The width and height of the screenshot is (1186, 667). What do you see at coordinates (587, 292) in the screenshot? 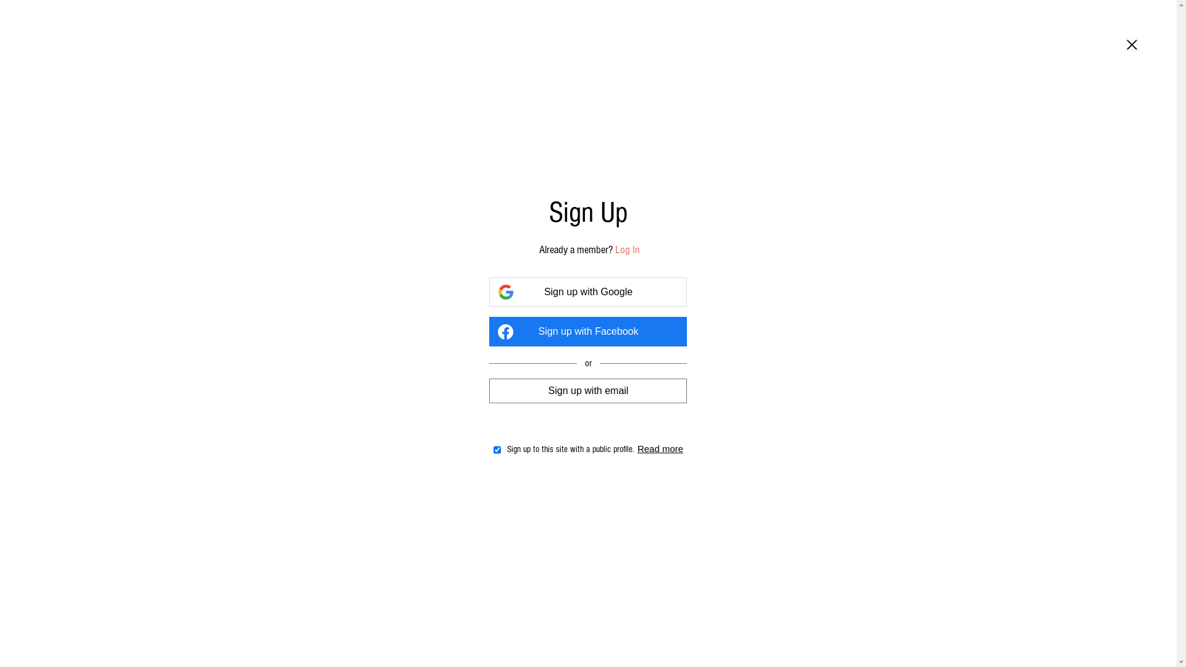
I see `'Sign up with Google'` at bounding box center [587, 292].